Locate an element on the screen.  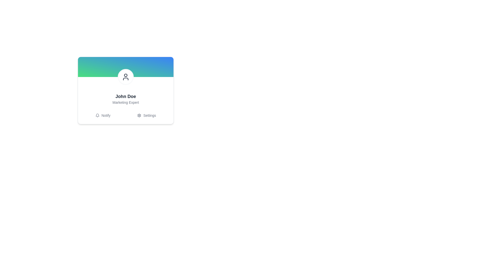
the decorative icon component representing the user profile, which is centered above the text 'John Doe, Marketing Expert.' is located at coordinates (126, 77).